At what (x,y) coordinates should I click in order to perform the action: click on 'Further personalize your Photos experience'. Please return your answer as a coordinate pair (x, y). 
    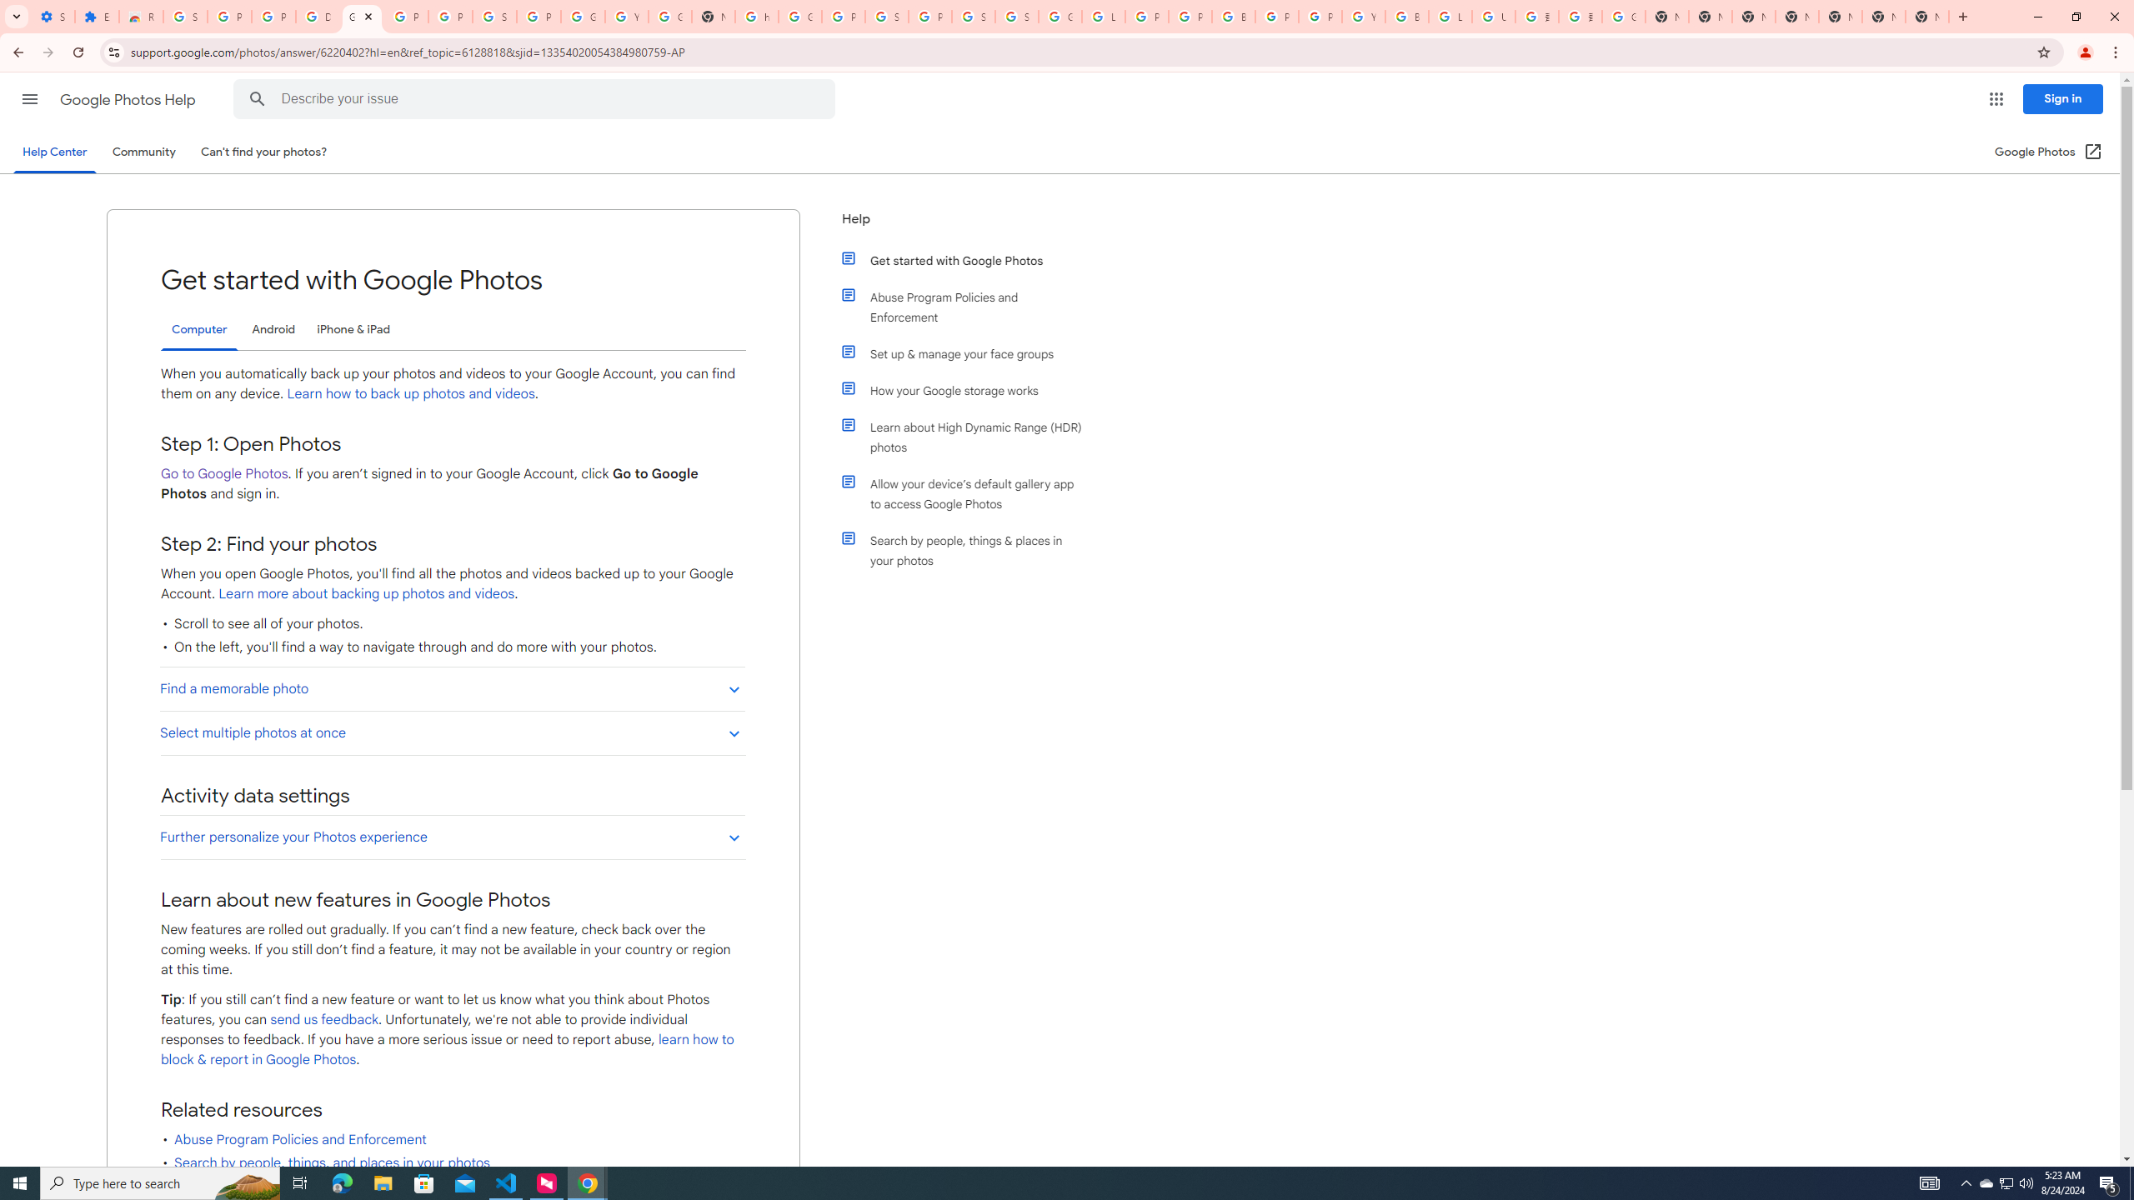
    Looking at the image, I should click on (452, 836).